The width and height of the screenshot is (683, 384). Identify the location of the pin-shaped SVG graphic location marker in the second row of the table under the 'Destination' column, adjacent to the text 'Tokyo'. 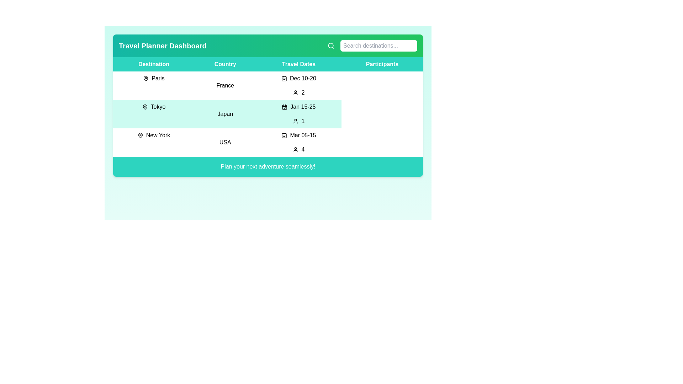
(144, 107).